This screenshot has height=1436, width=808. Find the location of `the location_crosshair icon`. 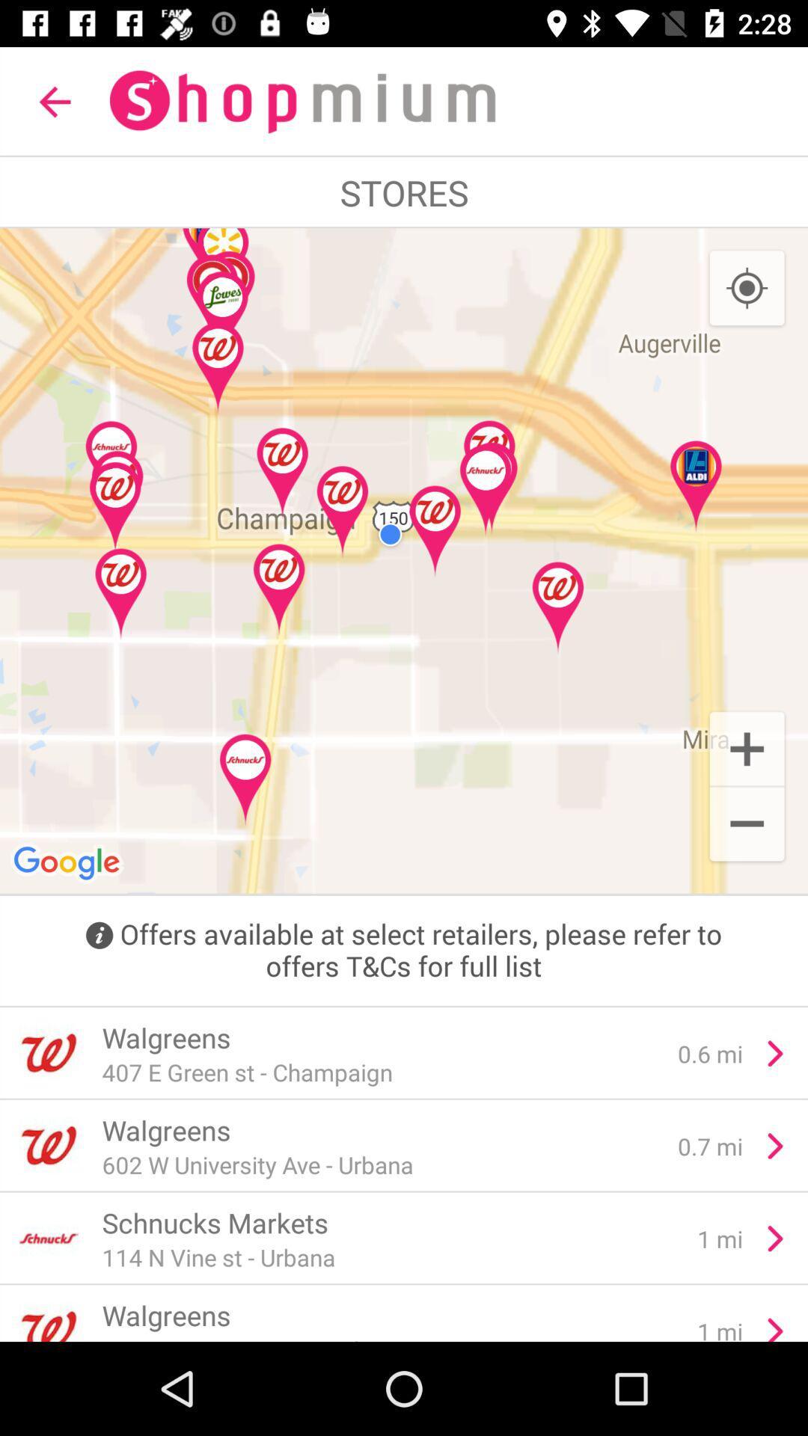

the location_crosshair icon is located at coordinates (747, 289).